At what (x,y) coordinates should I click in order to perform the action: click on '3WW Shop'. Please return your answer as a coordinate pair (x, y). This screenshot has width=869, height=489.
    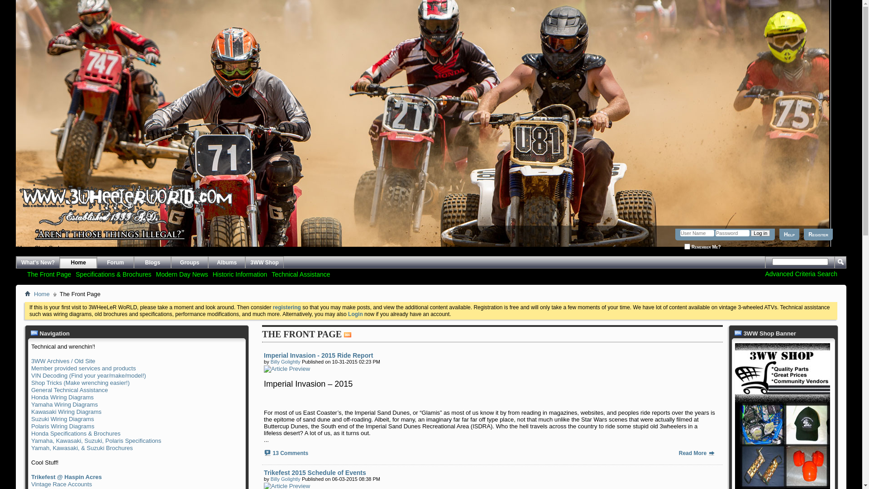
    Looking at the image, I should click on (264, 262).